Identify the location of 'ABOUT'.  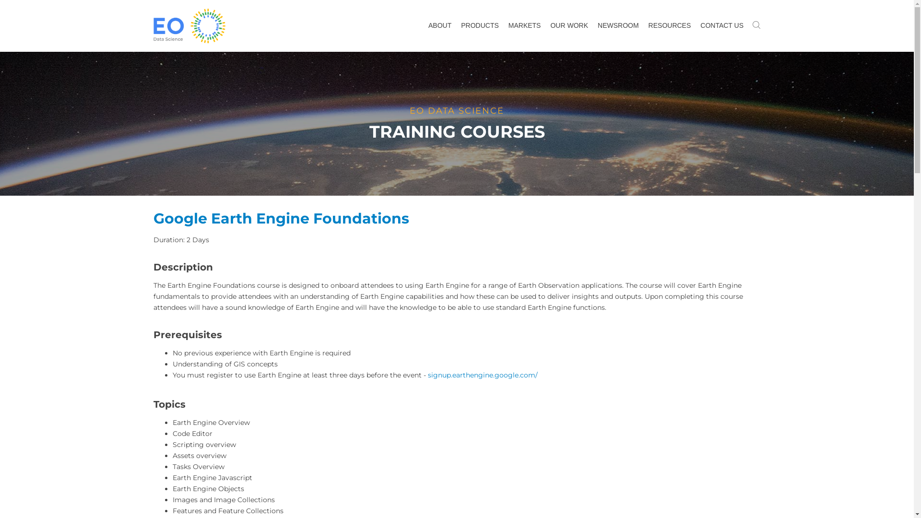
(439, 25).